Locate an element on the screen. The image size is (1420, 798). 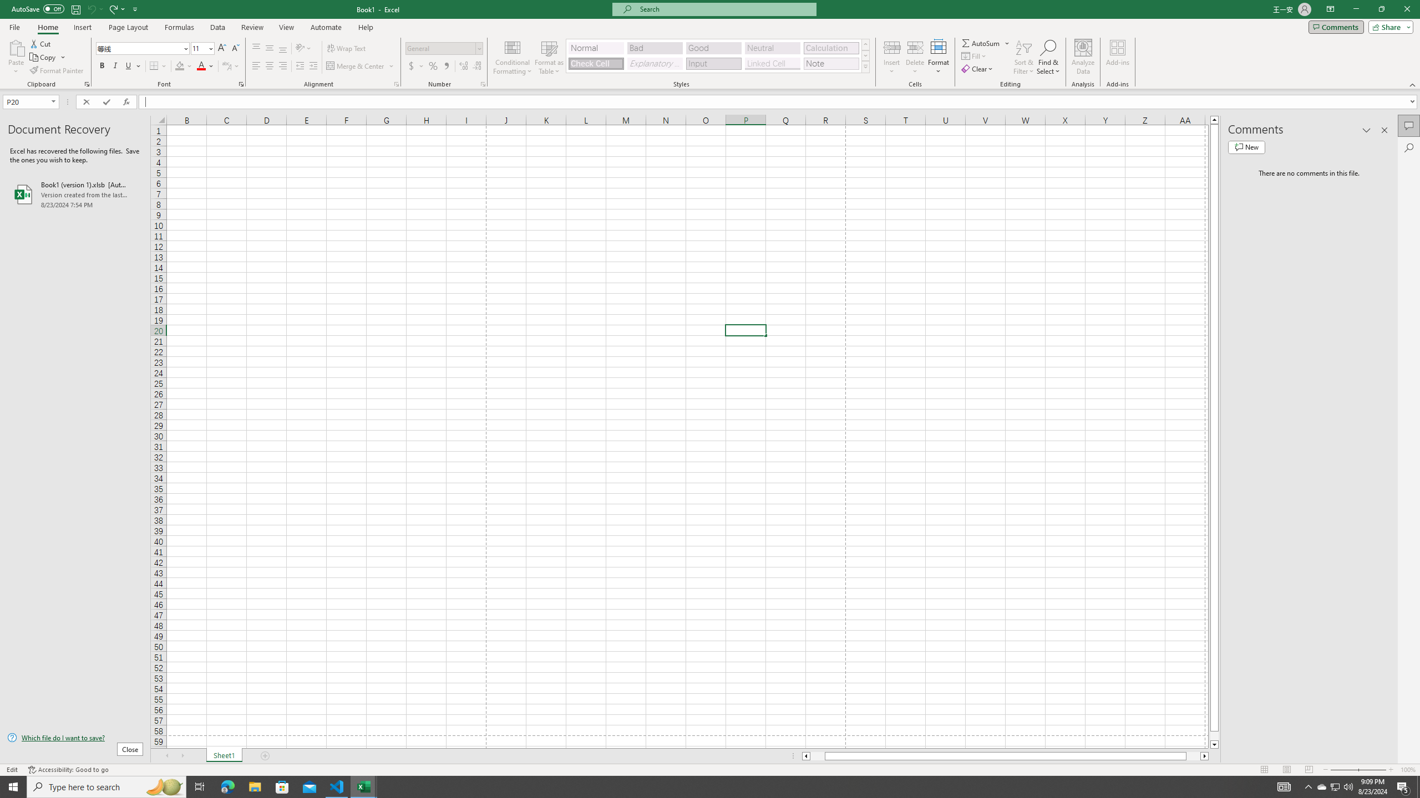
'Insert' is located at coordinates (891, 57).